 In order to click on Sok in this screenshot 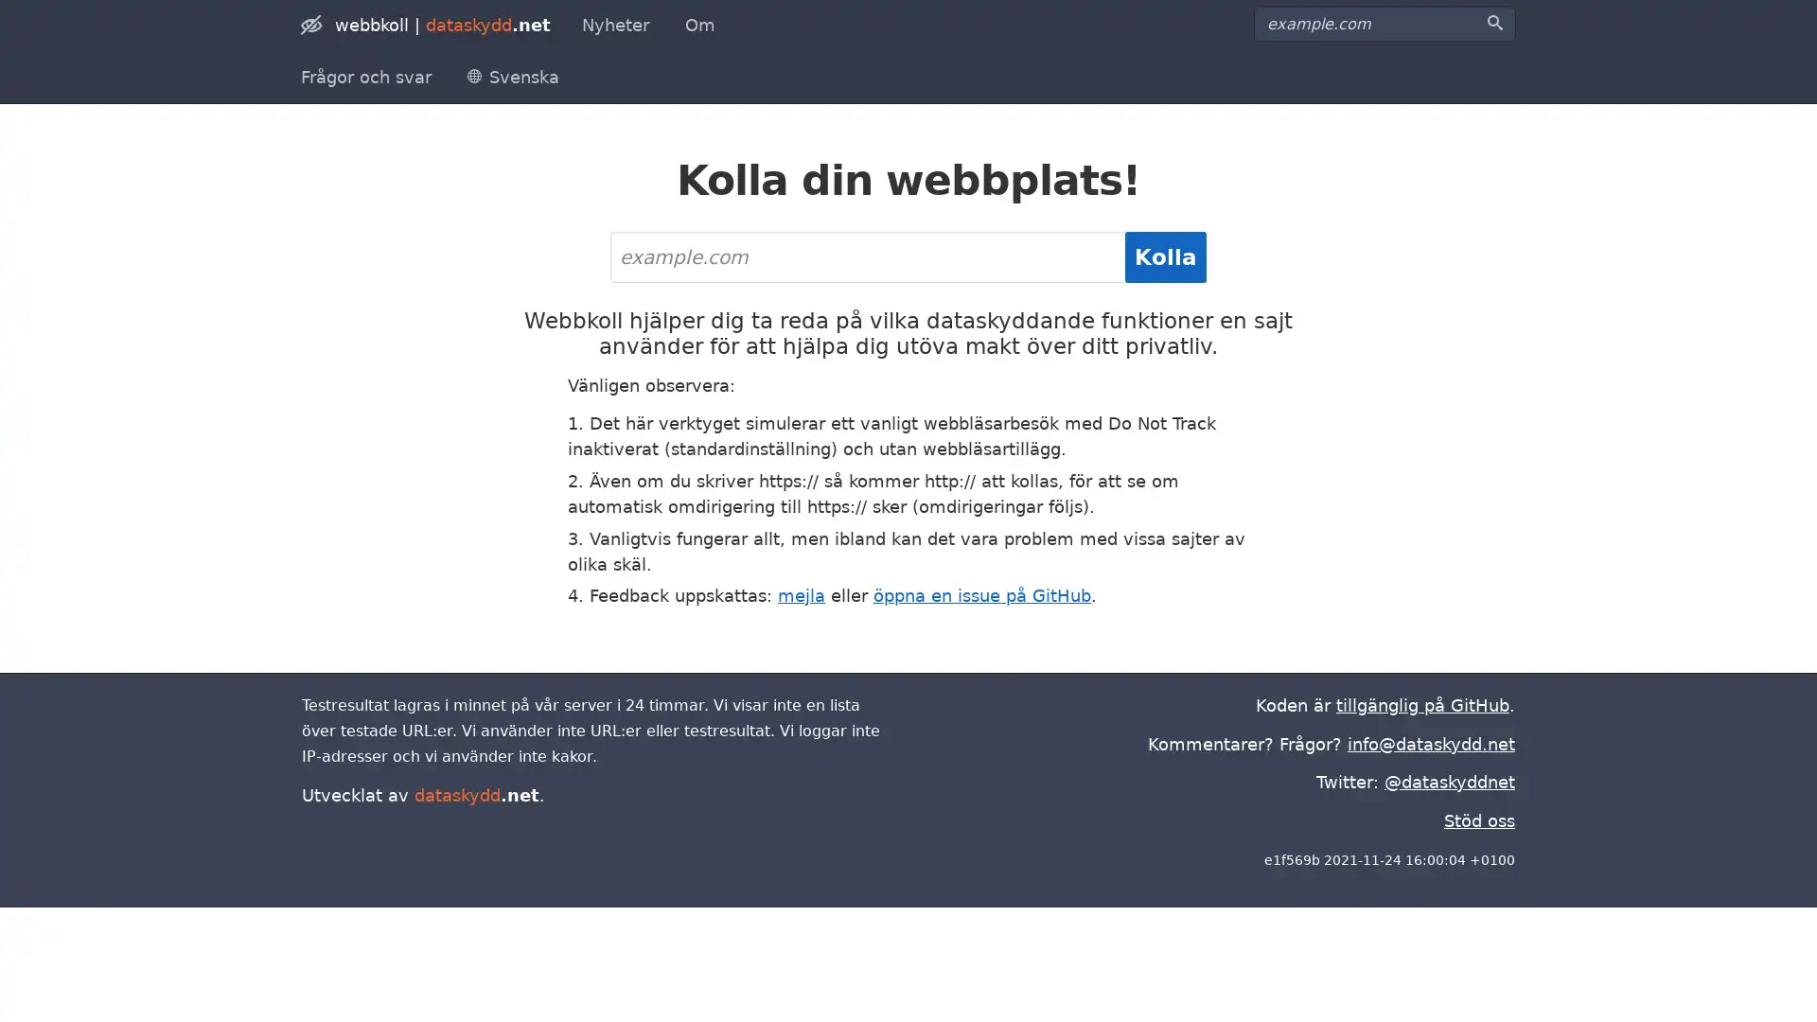, I will do `click(1493, 23)`.